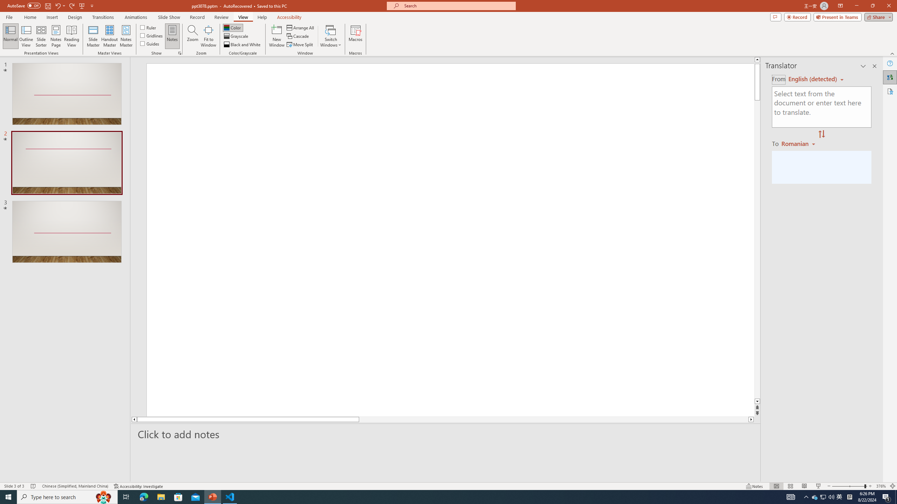 The image size is (897, 504). Describe the element at coordinates (799, 143) in the screenshot. I see `'Romanian'` at that location.